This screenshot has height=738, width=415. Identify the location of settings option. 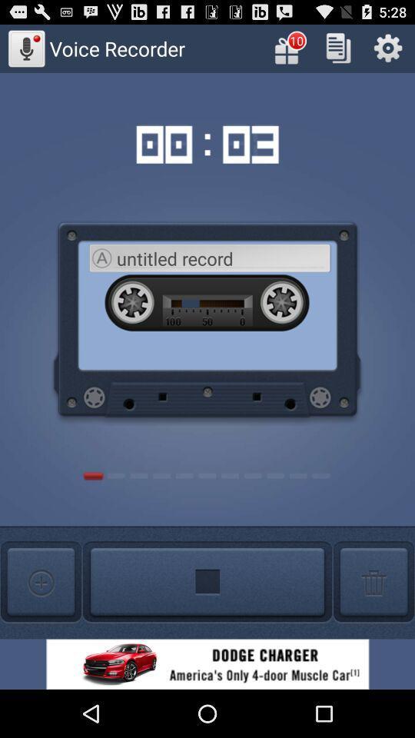
(387, 48).